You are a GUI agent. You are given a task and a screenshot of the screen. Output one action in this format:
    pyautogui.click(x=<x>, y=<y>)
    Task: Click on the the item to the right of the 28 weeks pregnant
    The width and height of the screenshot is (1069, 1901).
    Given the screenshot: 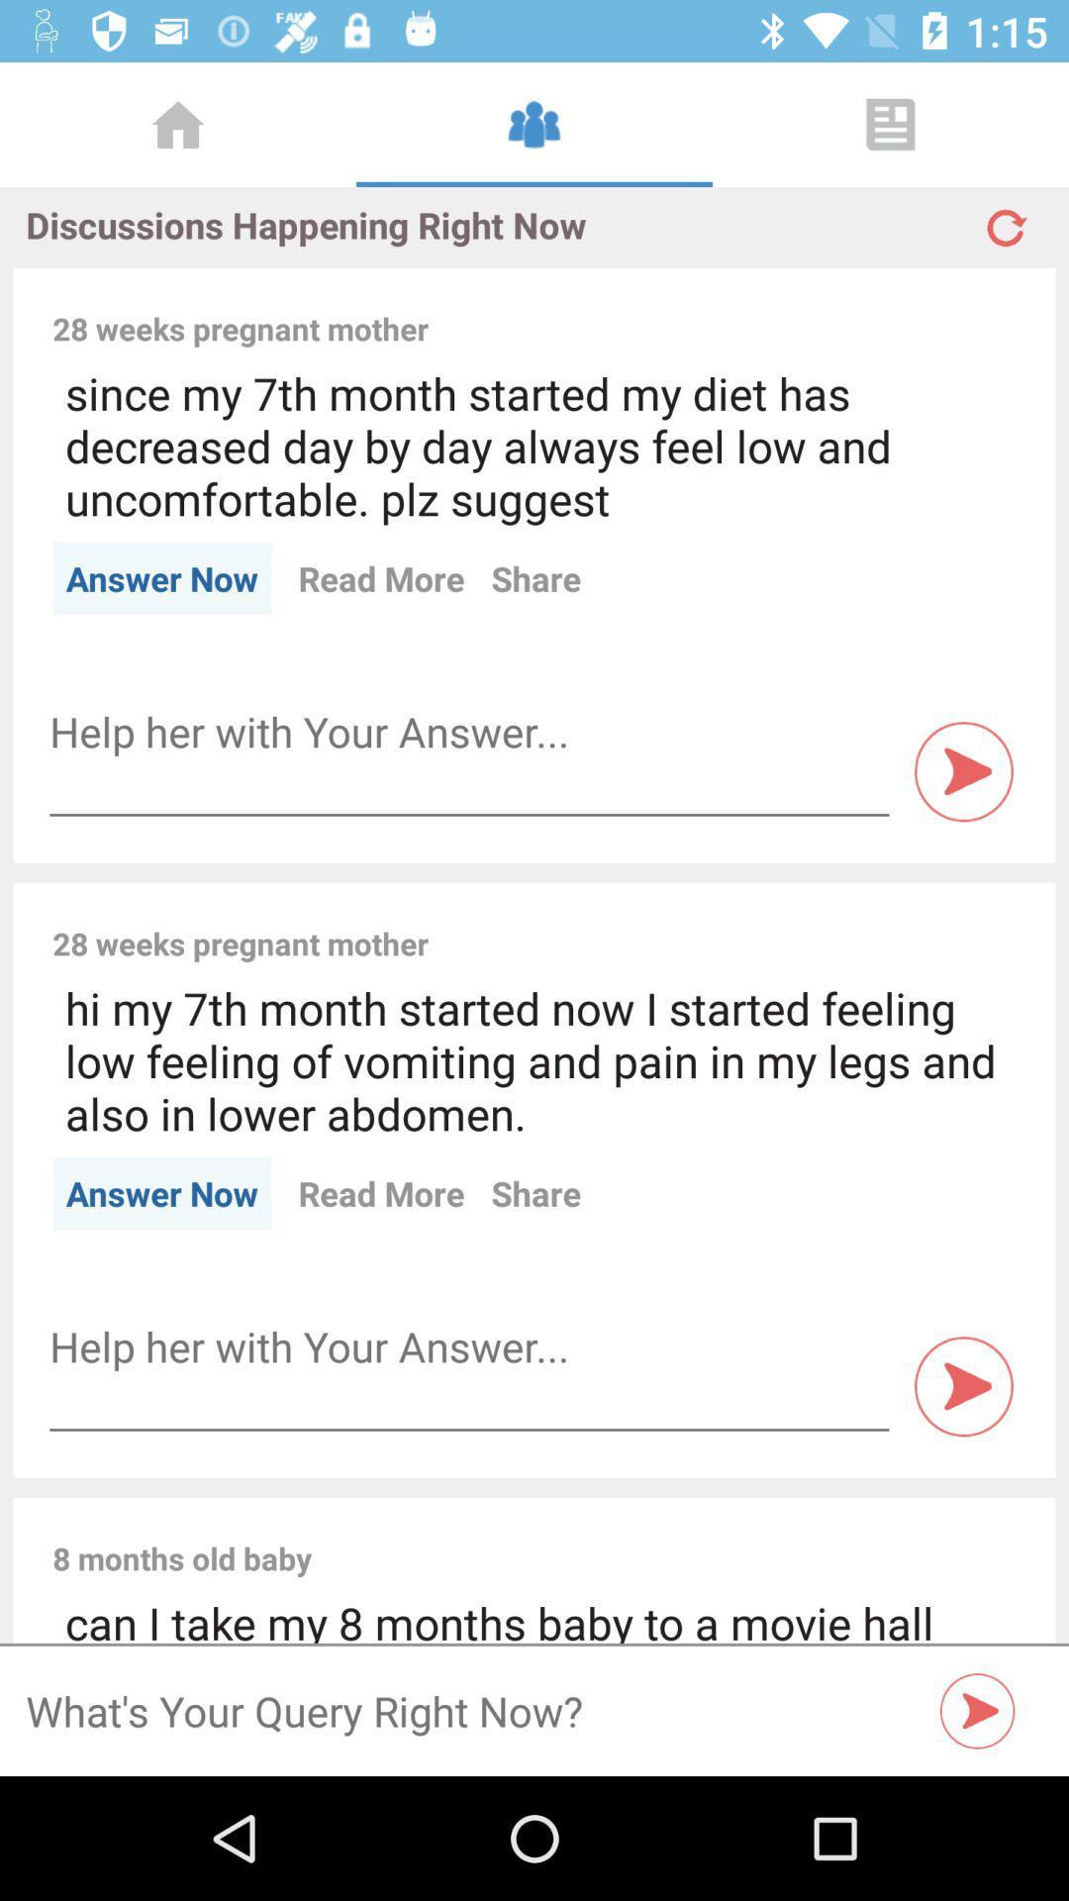 What is the action you would take?
    pyautogui.click(x=735, y=306)
    